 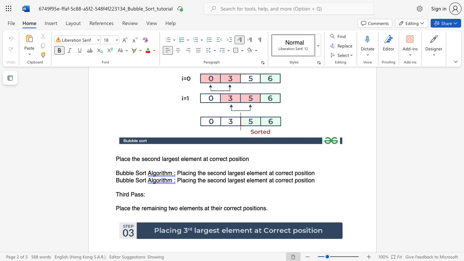 What do you see at coordinates (207, 180) in the screenshot?
I see `the subset text "seco" within the text "Placing the second largest element at correct position"` at bounding box center [207, 180].